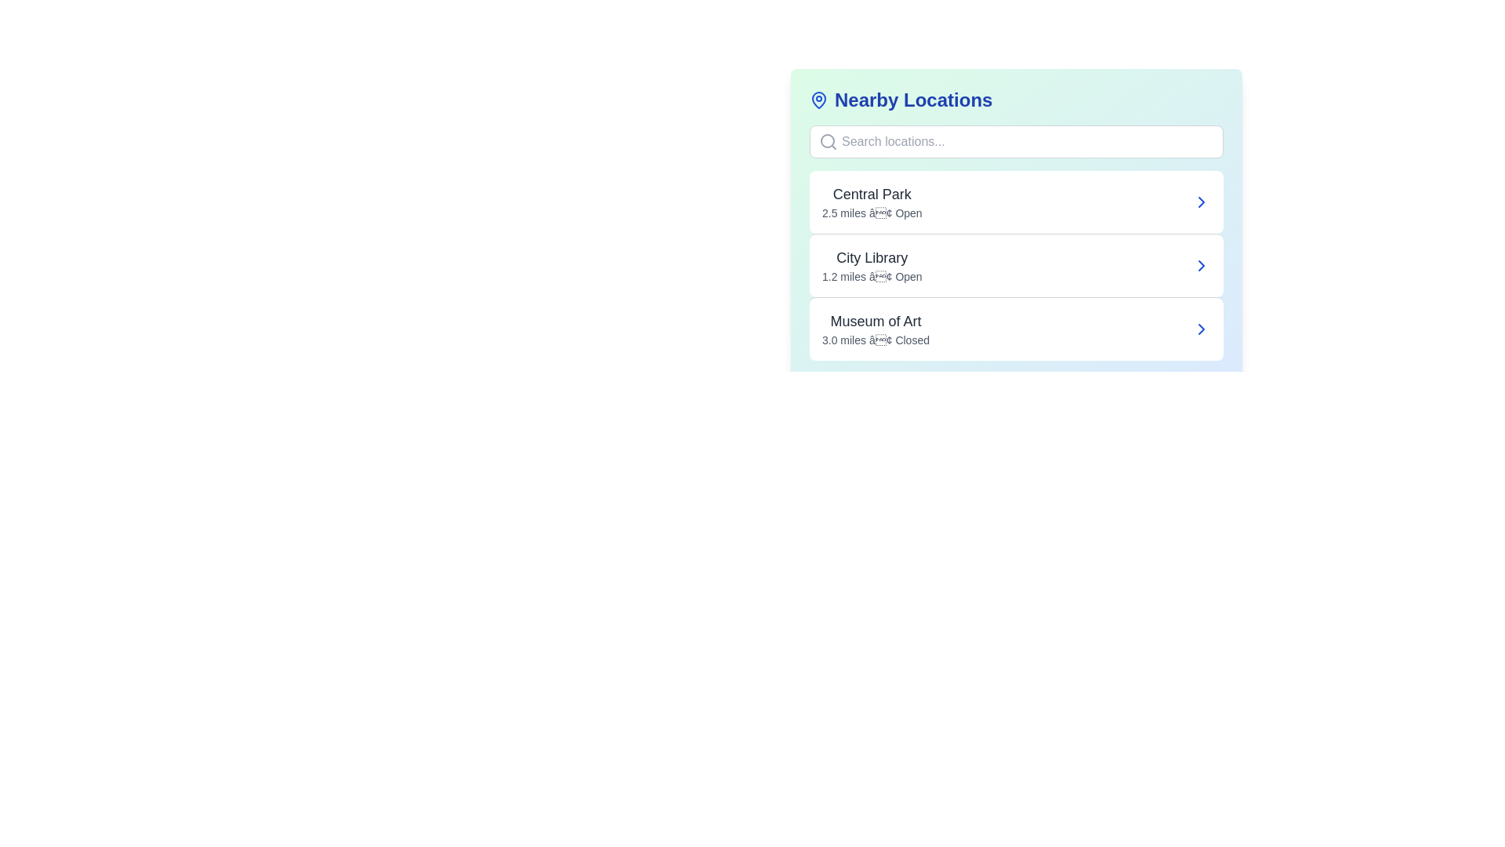 The image size is (1505, 847). What do you see at coordinates (871, 193) in the screenshot?
I see `the location title` at bounding box center [871, 193].